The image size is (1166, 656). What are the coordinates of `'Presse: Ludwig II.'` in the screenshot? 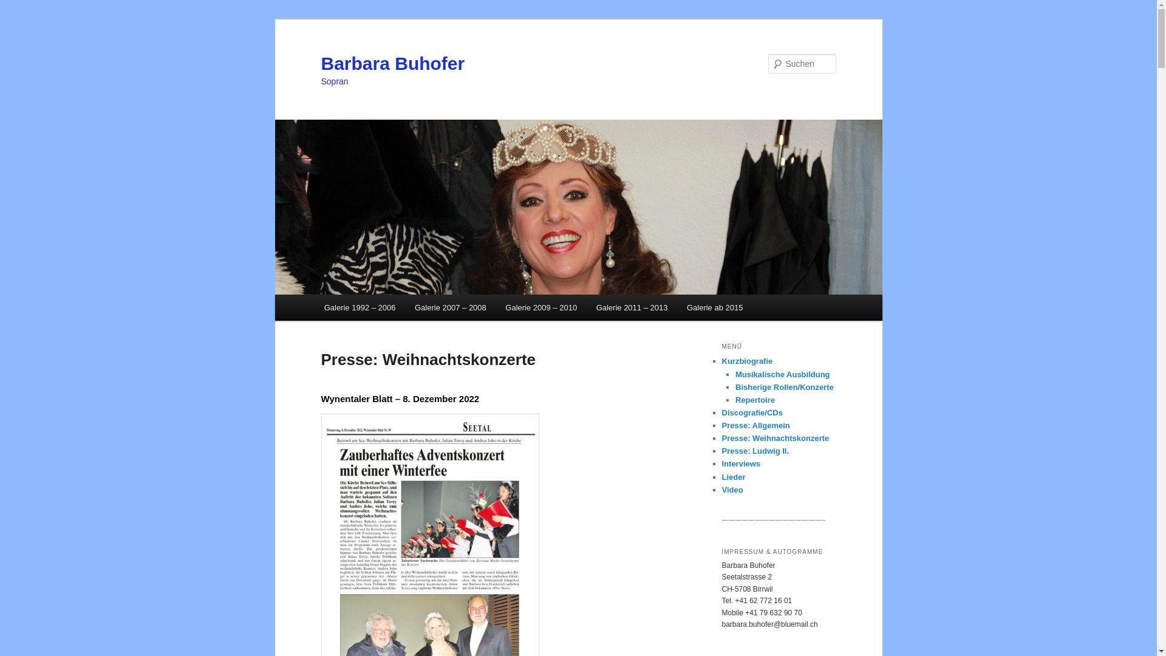 It's located at (754, 451).